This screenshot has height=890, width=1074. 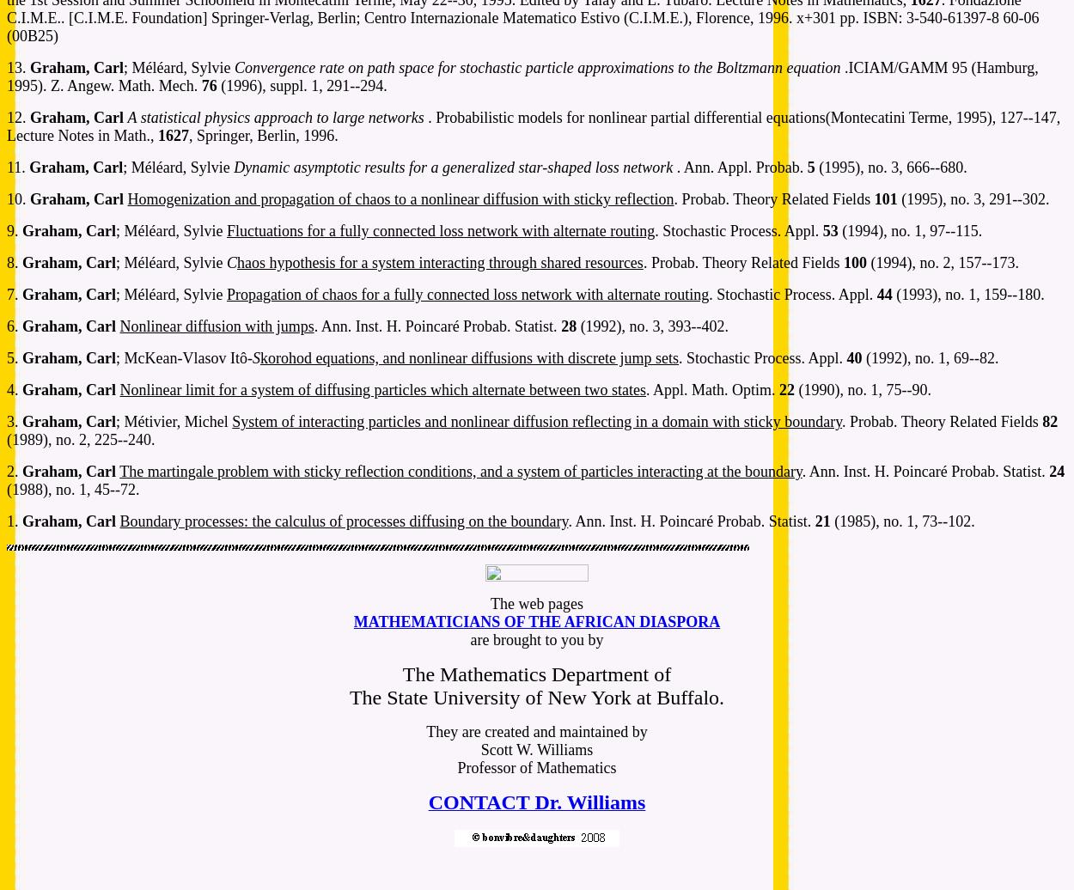 I want to click on '8.', so click(x=15, y=263).